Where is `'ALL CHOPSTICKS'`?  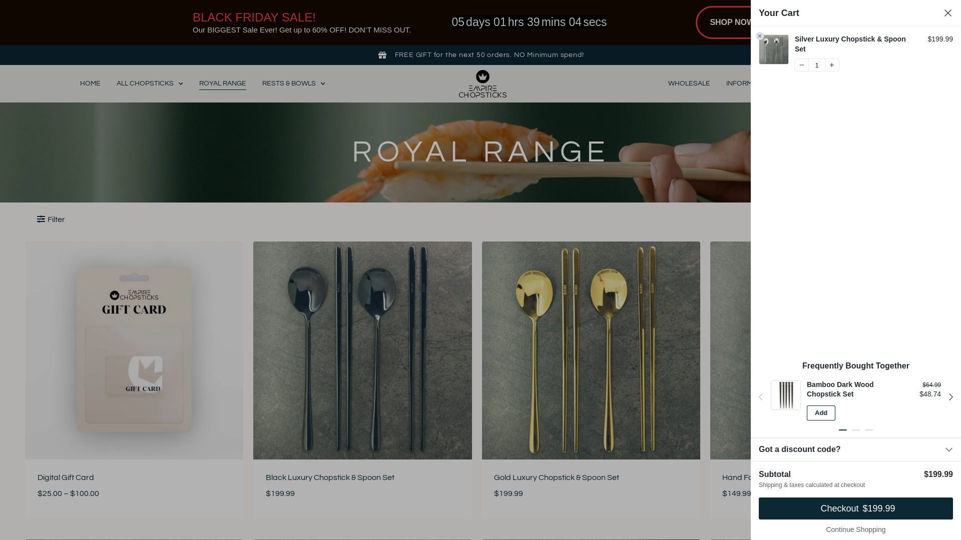 'ALL CHOPSTICKS' is located at coordinates (149, 83).